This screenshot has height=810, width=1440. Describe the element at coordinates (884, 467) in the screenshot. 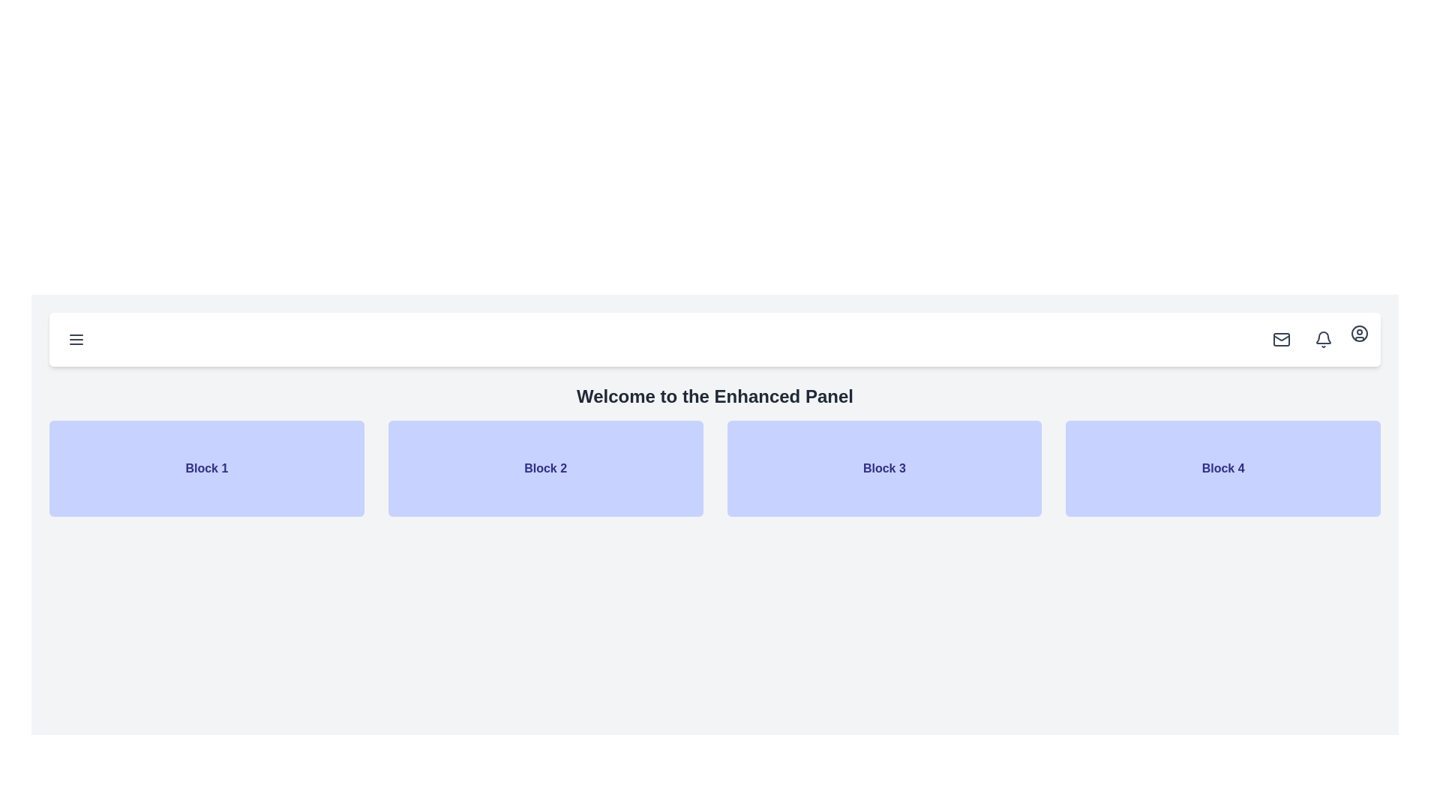

I see `text of the 'Block 3' label, which is a bold indigo text centrally located within a light indigo rounded rectangular block` at that location.